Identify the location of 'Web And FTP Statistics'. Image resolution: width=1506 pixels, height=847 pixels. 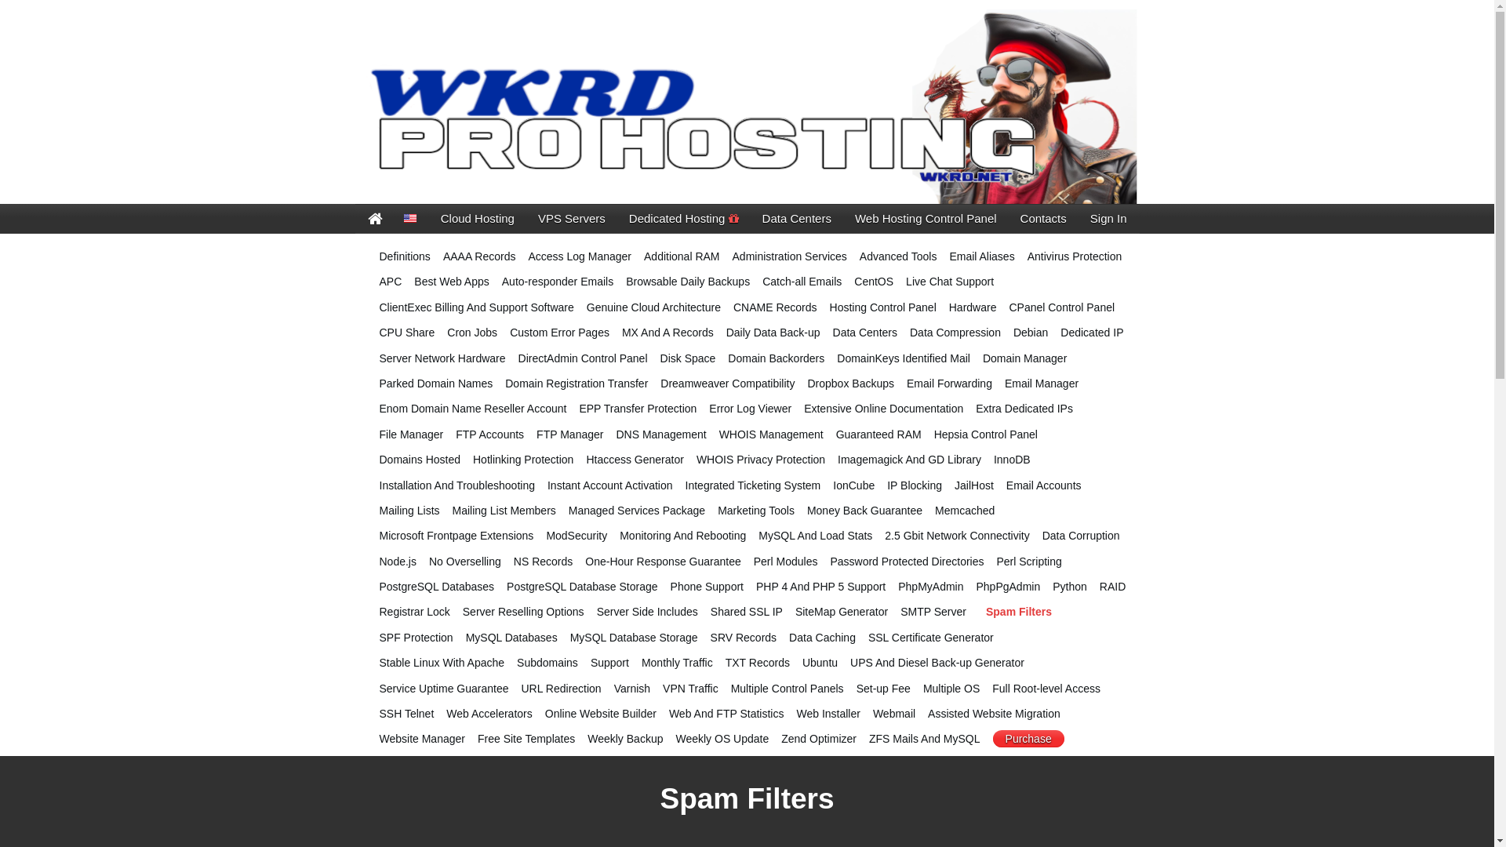
(726, 714).